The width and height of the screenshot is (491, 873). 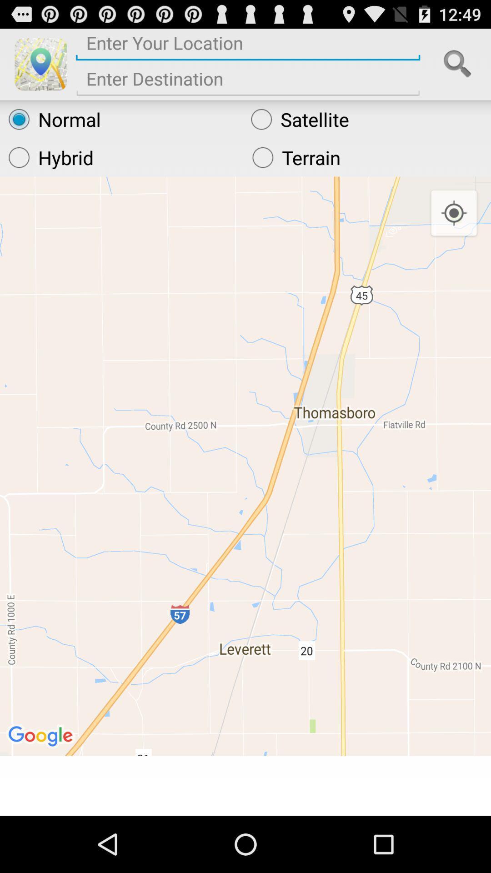 What do you see at coordinates (457, 64) in the screenshot?
I see `search bar` at bounding box center [457, 64].